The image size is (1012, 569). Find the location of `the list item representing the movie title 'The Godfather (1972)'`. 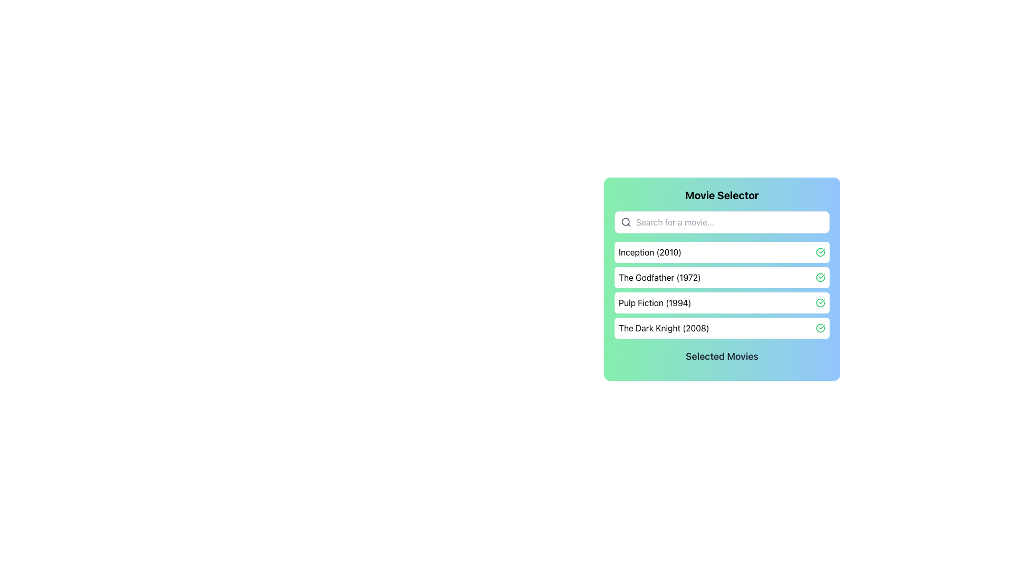

the list item representing the movie title 'The Godfather (1972)' is located at coordinates (721, 277).